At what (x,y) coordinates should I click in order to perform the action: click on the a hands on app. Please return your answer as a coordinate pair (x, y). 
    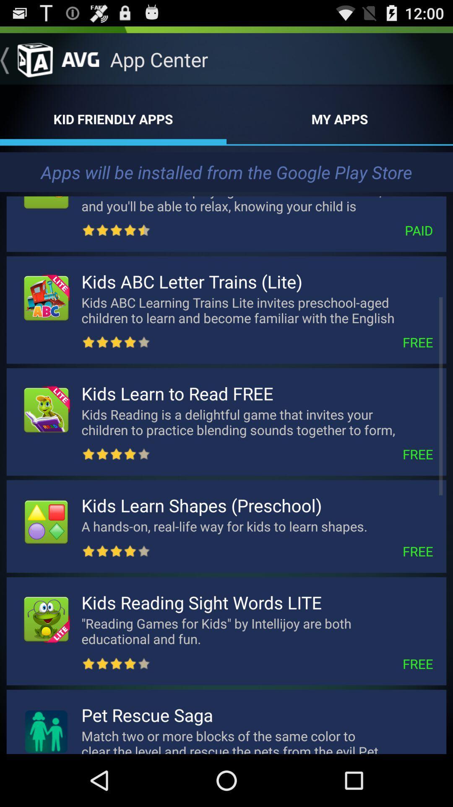
    Looking at the image, I should click on (242, 526).